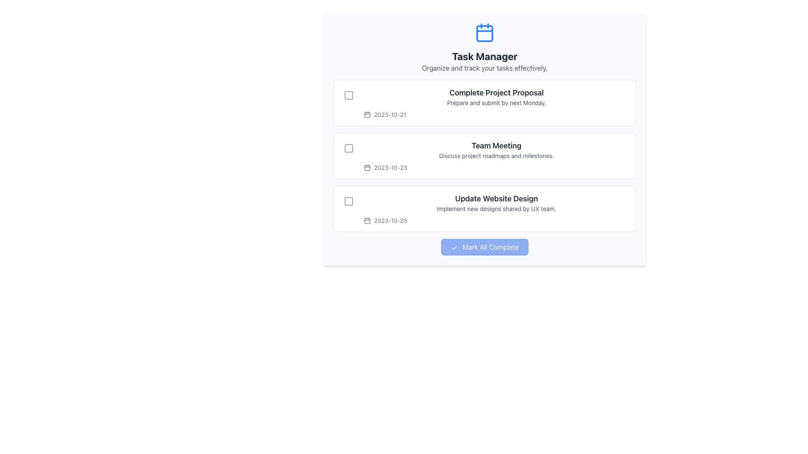 This screenshot has height=454, width=808. I want to click on the square checkbox located to the left of the task item labeled 'Update Website Design', so click(349, 201).